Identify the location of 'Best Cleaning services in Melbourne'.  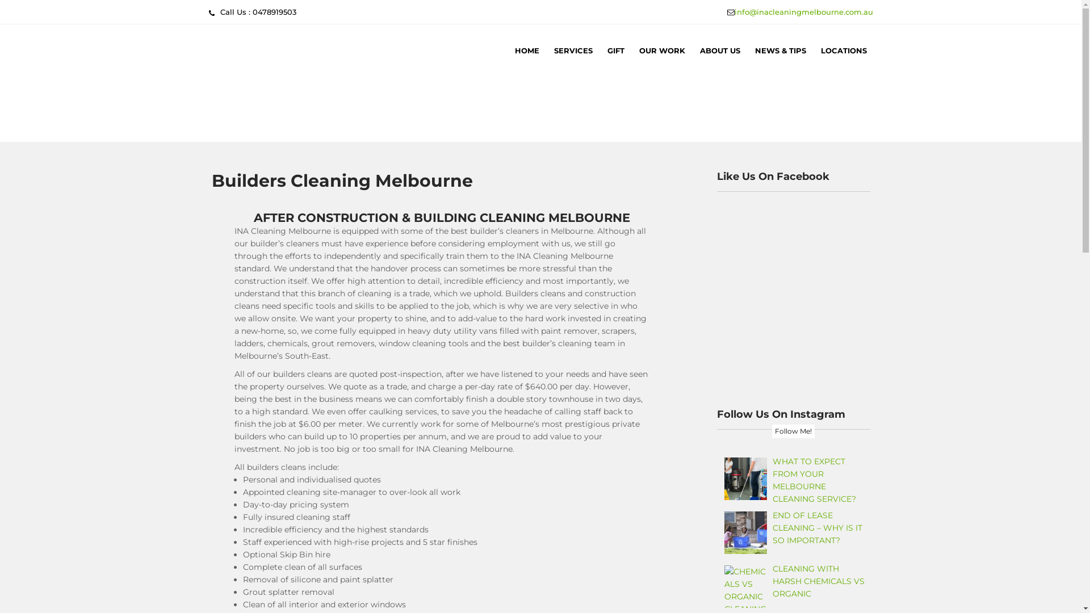
(364, 137).